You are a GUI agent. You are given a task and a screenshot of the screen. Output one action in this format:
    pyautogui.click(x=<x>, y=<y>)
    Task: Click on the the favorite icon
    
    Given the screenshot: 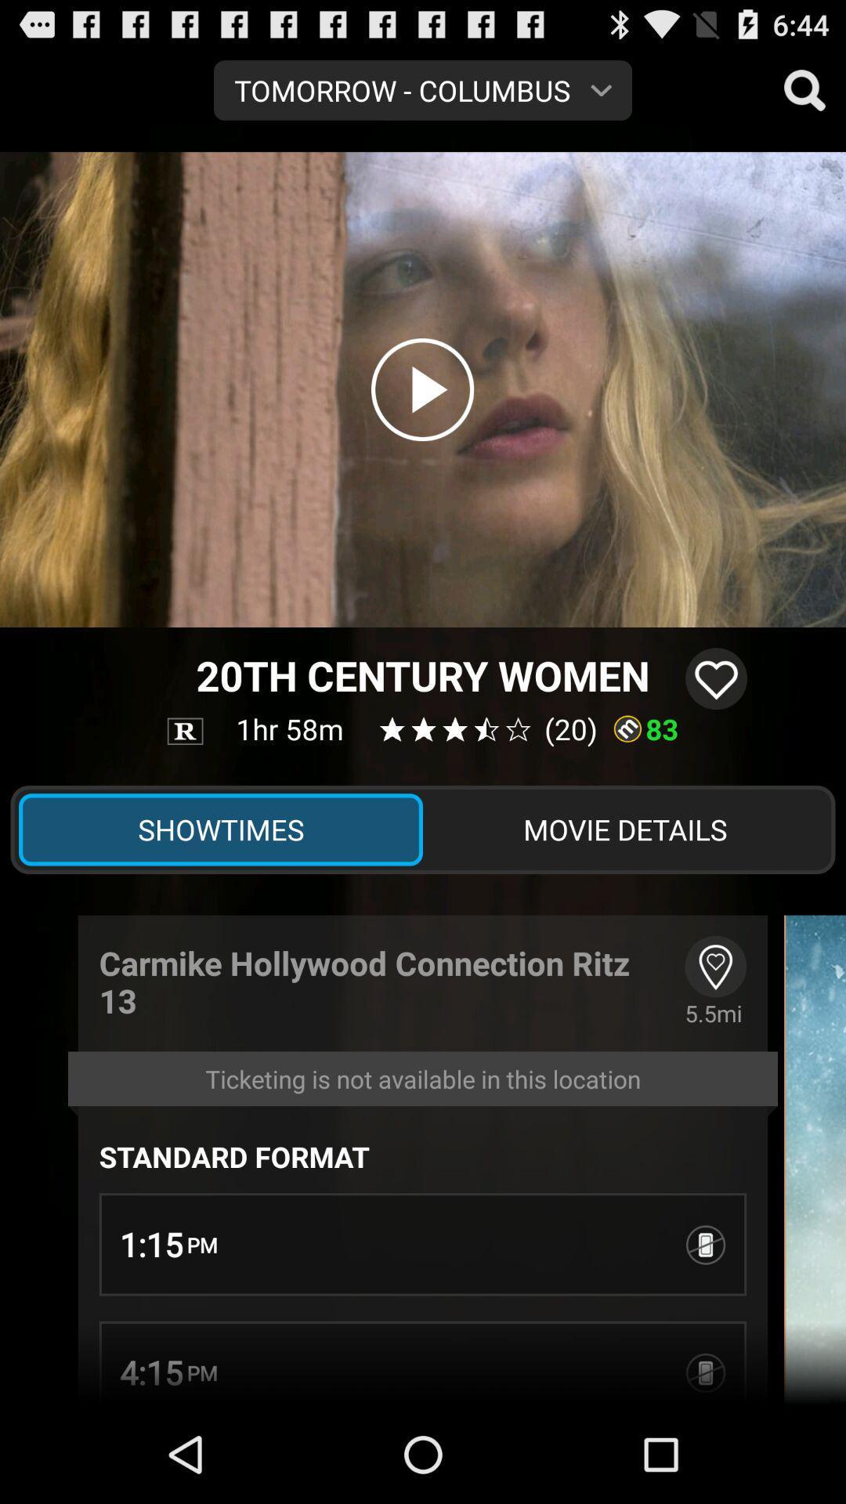 What is the action you would take?
    pyautogui.click(x=716, y=725)
    